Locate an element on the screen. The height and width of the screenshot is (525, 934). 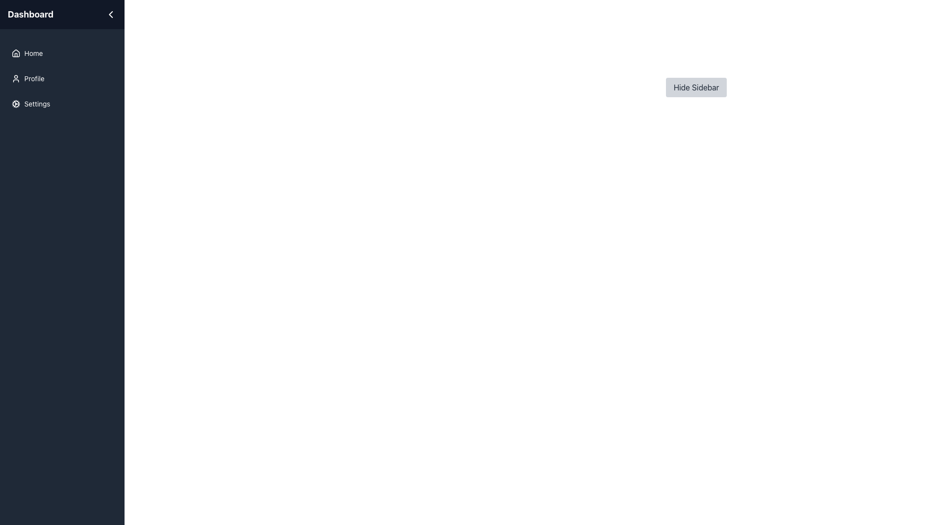
the cogwheel-shaped icon in the sidebar that precedes the 'Settings' text label is located at coordinates (16, 104).